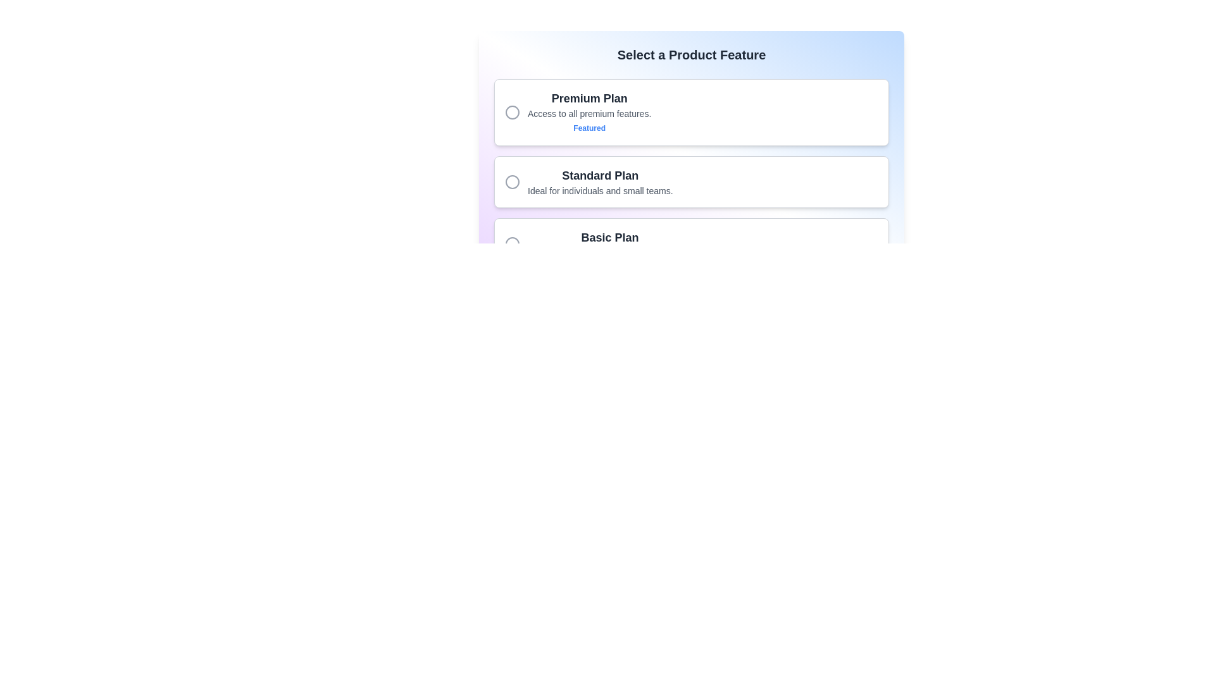  What do you see at coordinates (691, 175) in the screenshot?
I see `the 'Standard Plan' option selector to read plan details by clicking on it` at bounding box center [691, 175].